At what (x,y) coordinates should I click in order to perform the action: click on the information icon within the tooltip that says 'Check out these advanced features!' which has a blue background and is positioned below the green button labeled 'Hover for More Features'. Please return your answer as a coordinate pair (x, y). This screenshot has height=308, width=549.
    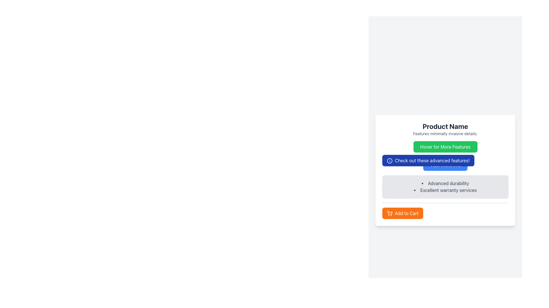
    Looking at the image, I should click on (428, 160).